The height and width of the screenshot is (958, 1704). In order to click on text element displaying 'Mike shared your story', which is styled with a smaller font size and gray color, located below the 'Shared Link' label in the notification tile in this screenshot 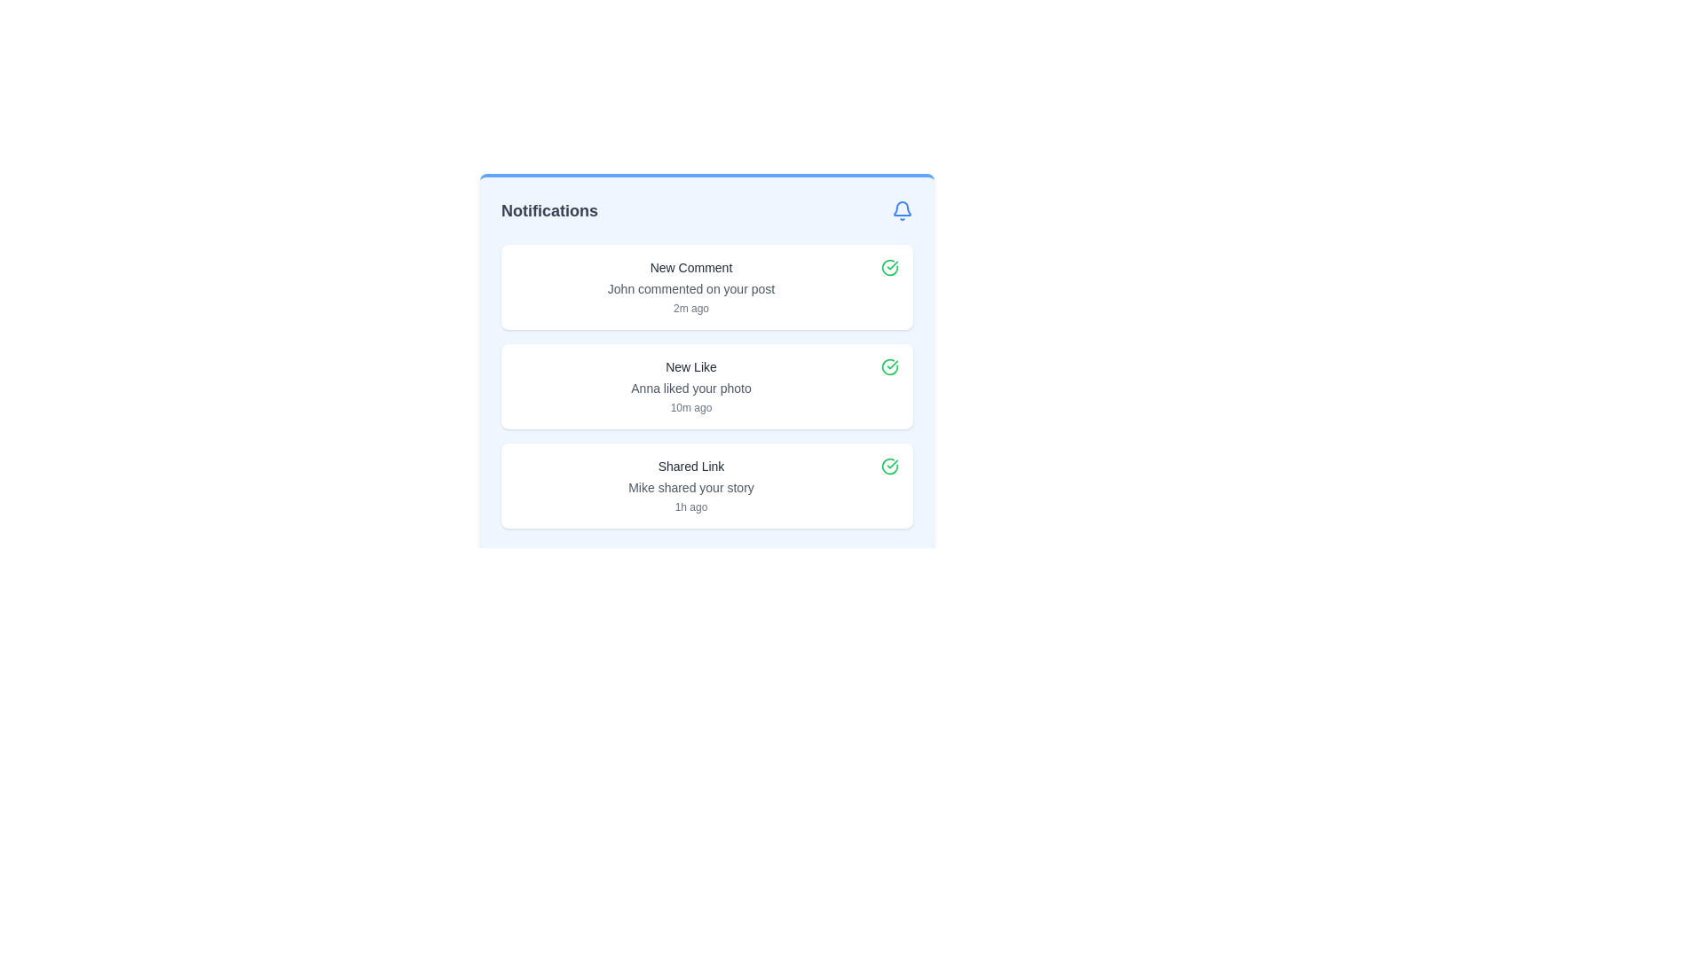, I will do `click(690, 488)`.